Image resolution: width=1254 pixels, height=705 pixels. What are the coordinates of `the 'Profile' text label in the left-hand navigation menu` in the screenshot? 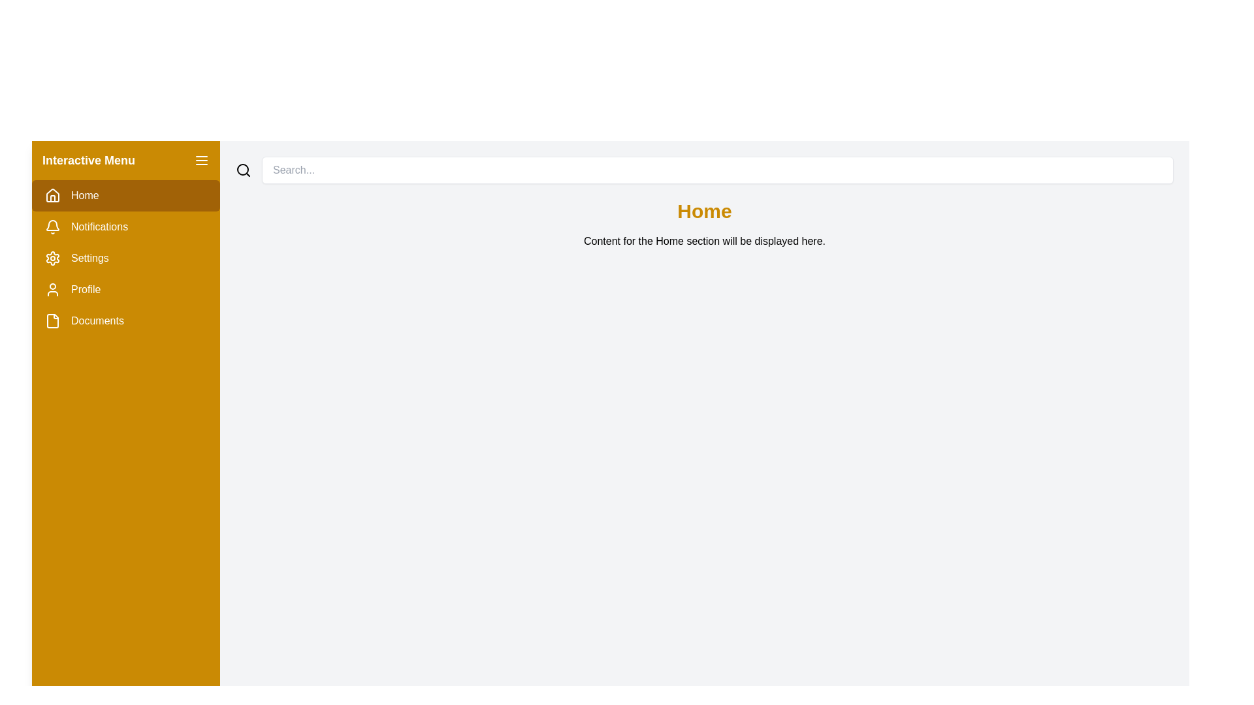 It's located at (85, 289).